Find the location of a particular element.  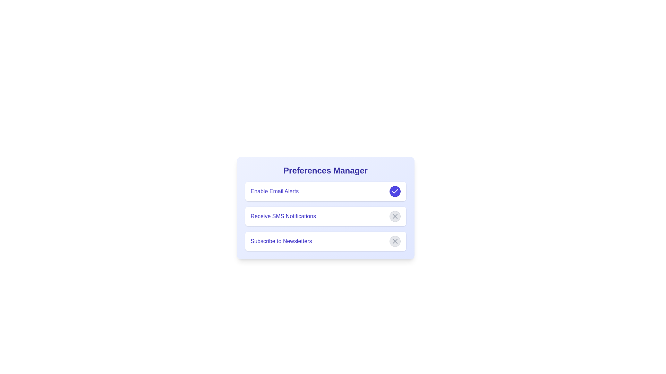

the small circular button with a gray 'X' symbol located next to the 'Receive SMS Notifications' text is located at coordinates (395, 216).